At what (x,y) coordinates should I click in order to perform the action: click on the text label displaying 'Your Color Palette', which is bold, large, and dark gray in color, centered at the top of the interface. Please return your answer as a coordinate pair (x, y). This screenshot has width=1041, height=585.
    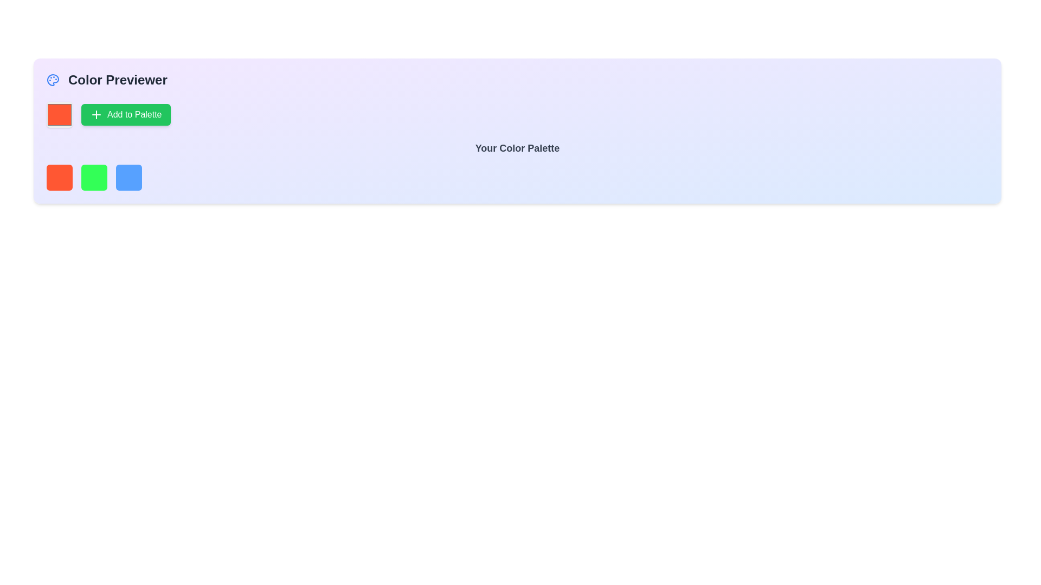
    Looking at the image, I should click on (517, 148).